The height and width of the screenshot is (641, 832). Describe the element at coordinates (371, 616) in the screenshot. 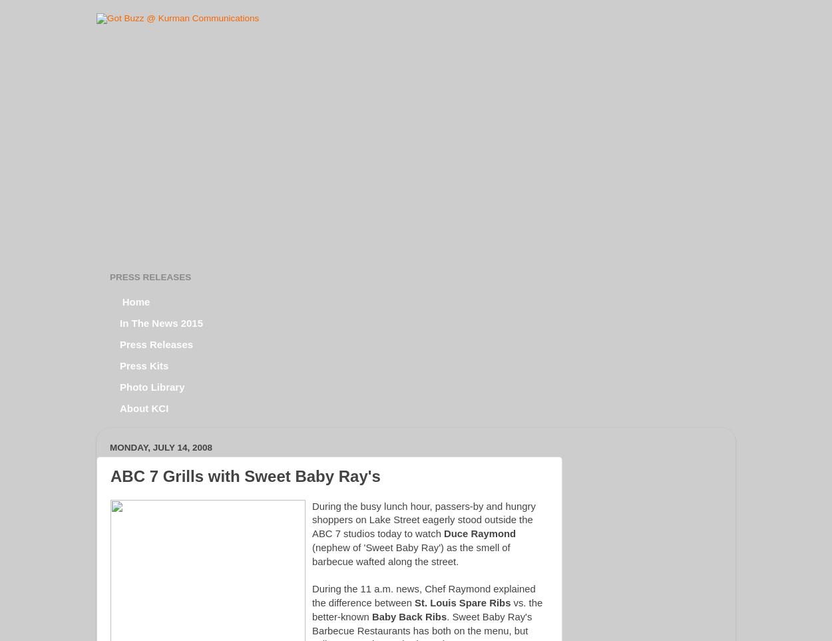

I see `'Baby Back Ribs'` at that location.